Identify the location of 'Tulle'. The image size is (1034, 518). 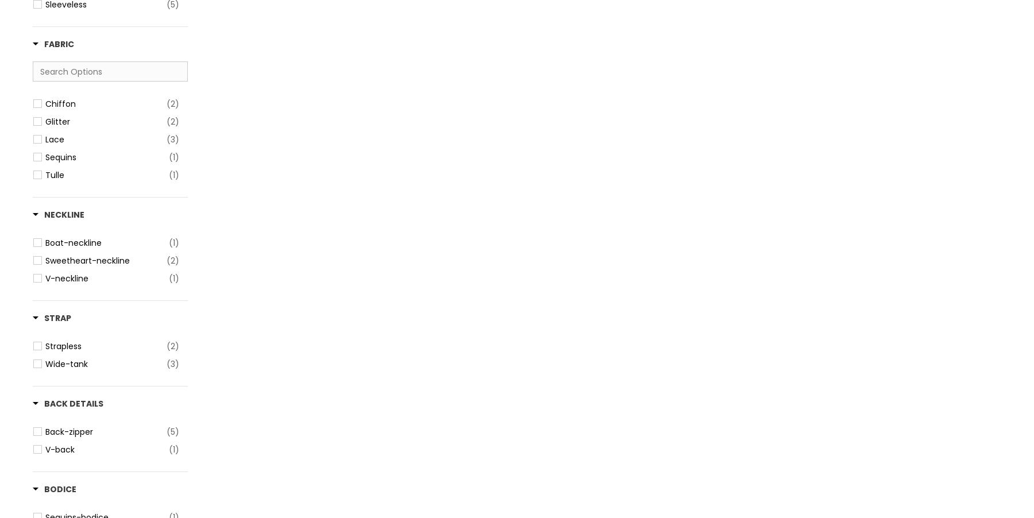
(45, 174).